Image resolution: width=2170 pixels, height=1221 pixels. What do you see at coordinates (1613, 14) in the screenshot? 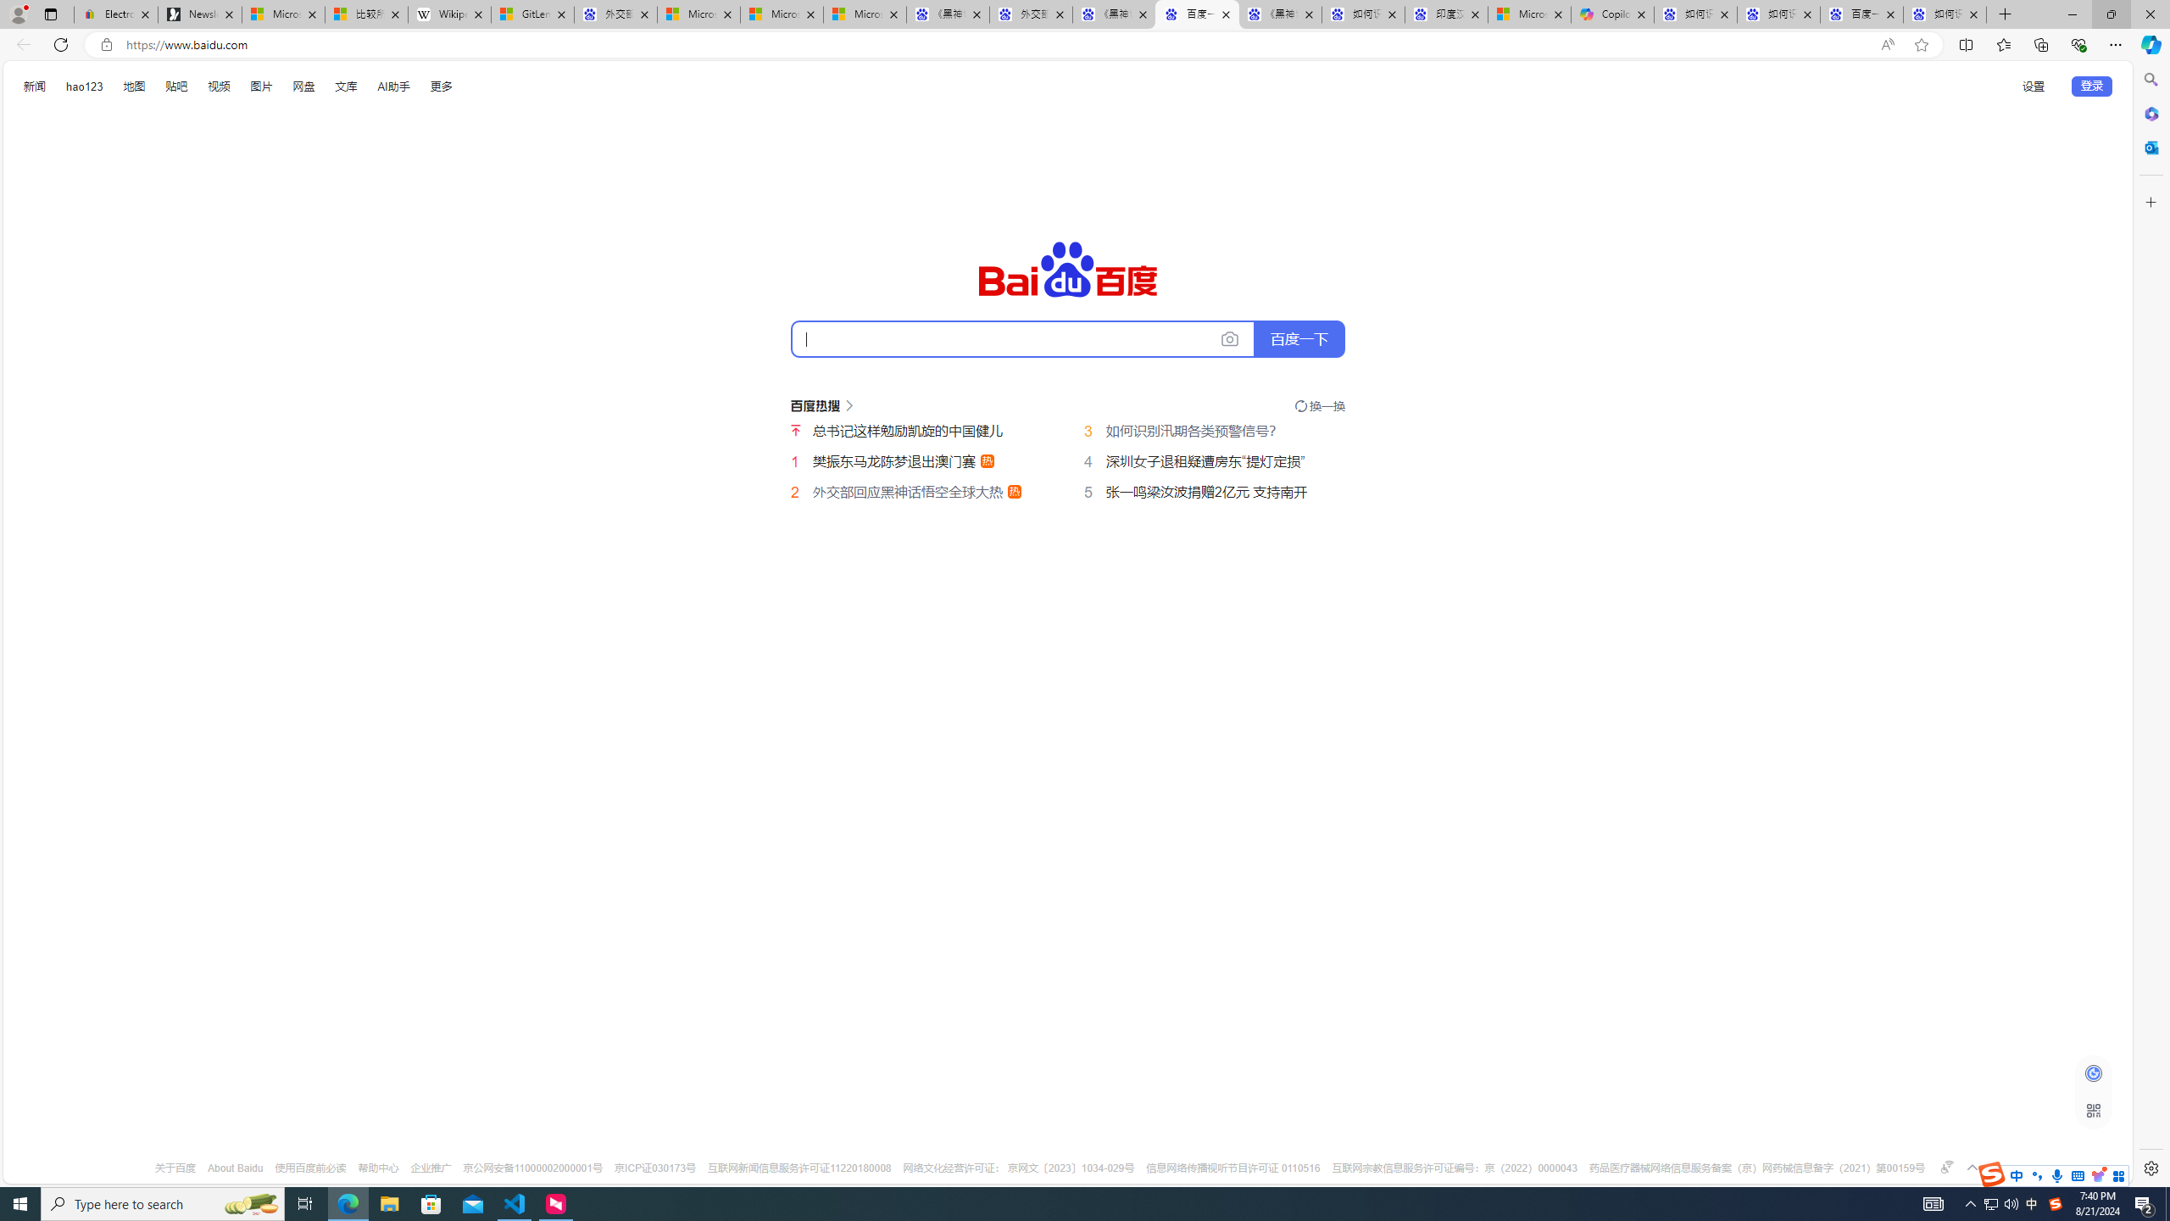
I see `'Copilot'` at bounding box center [1613, 14].